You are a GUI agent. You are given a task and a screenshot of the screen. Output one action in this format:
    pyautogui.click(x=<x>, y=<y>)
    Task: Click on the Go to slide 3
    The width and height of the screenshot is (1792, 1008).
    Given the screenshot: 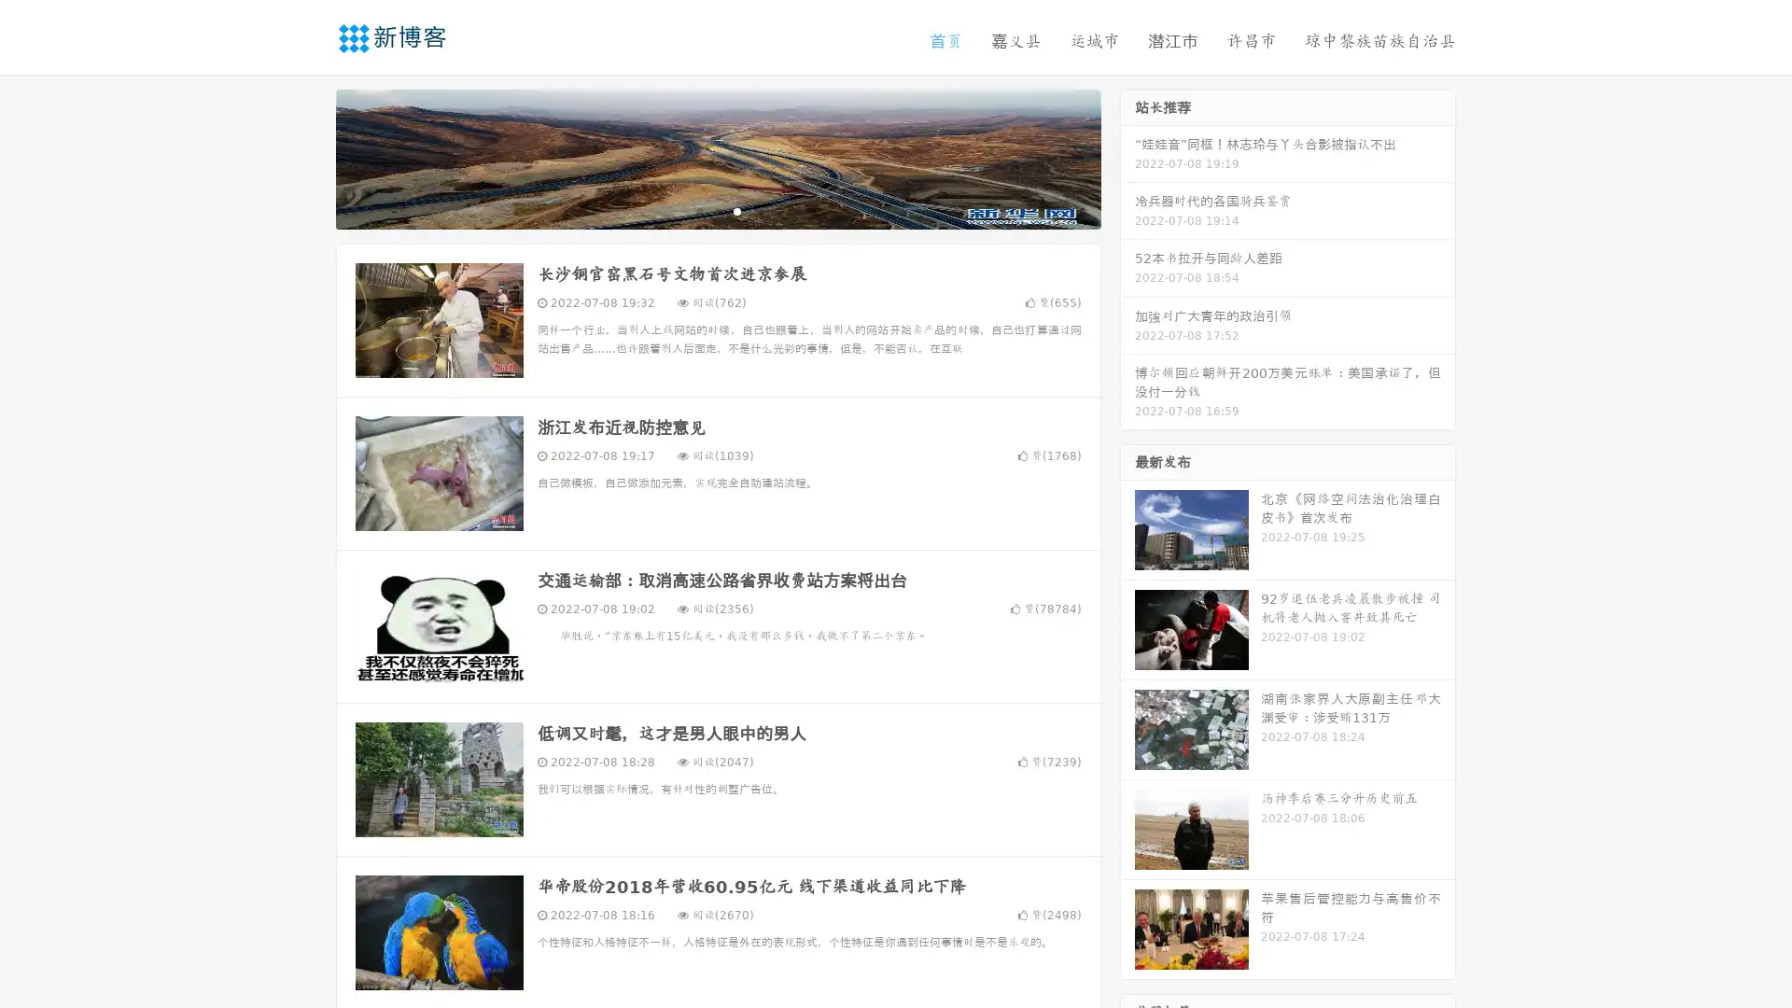 What is the action you would take?
    pyautogui.click(x=736, y=210)
    